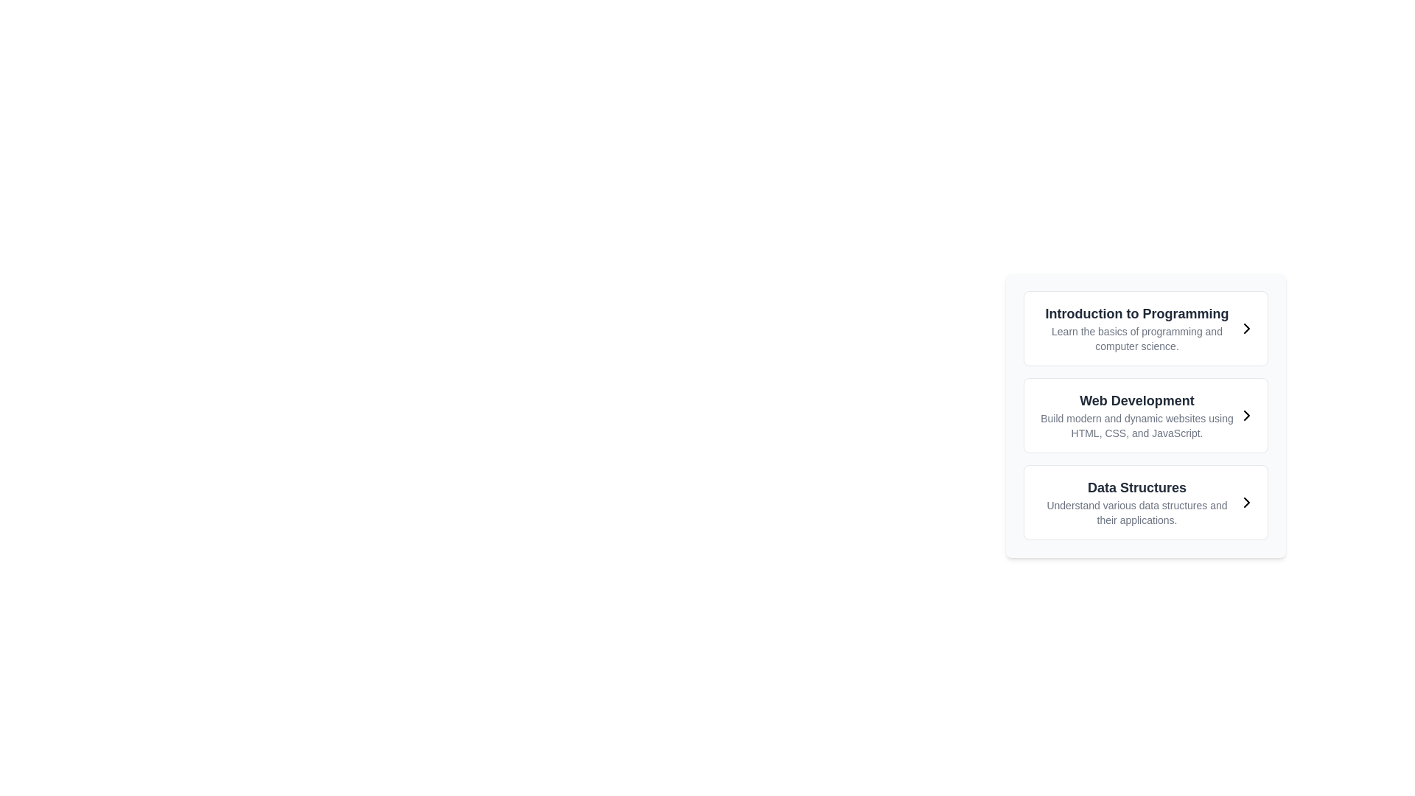 This screenshot has width=1415, height=796. I want to click on the text display element that shows 'Data Structures', which is styled with a bold, large font size and changes color to blue upon hovering, so click(1136, 488).